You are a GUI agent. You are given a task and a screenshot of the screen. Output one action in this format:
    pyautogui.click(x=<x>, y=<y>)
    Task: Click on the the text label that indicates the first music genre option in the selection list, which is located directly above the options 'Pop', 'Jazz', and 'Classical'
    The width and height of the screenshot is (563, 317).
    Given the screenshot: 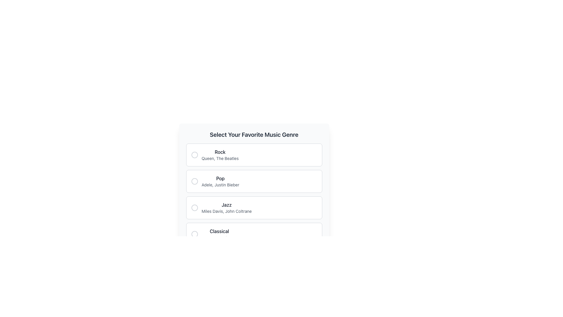 What is the action you would take?
    pyautogui.click(x=220, y=155)
    